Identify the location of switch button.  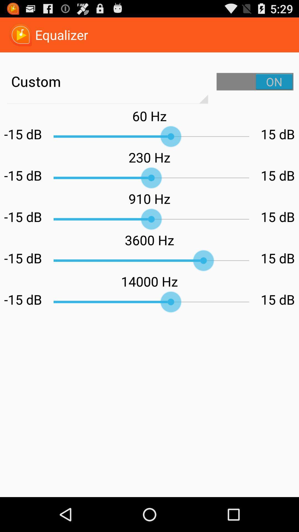
(255, 81).